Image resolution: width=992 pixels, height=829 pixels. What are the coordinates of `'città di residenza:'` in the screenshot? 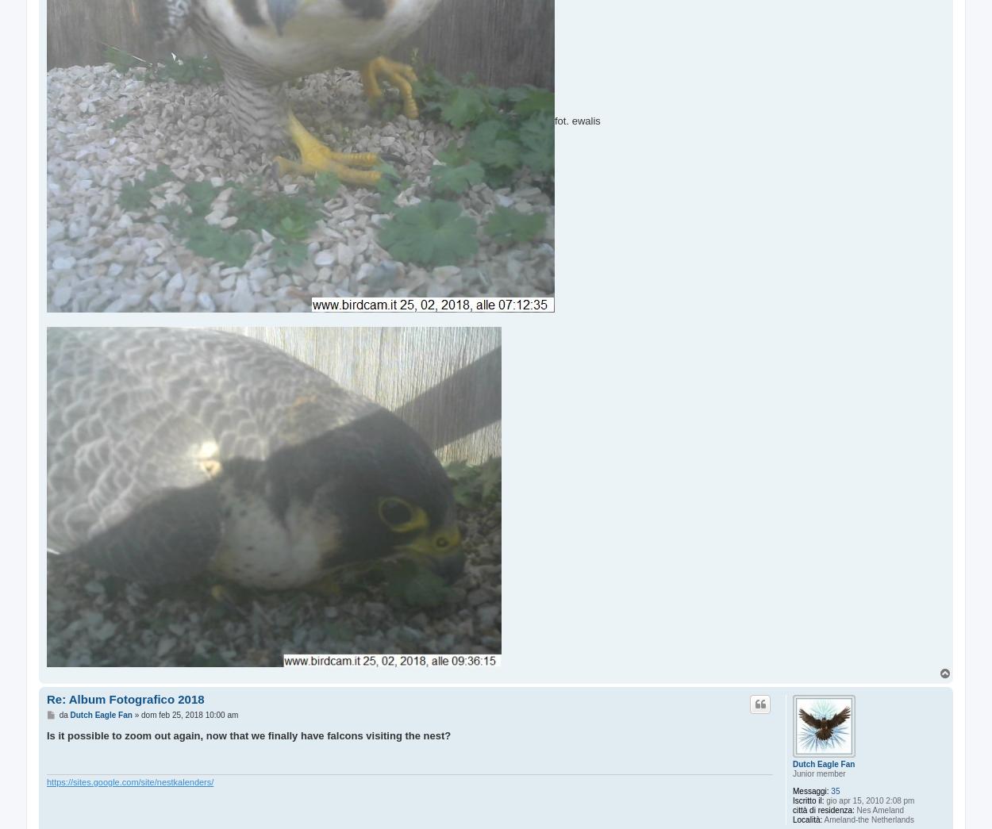 It's located at (823, 810).